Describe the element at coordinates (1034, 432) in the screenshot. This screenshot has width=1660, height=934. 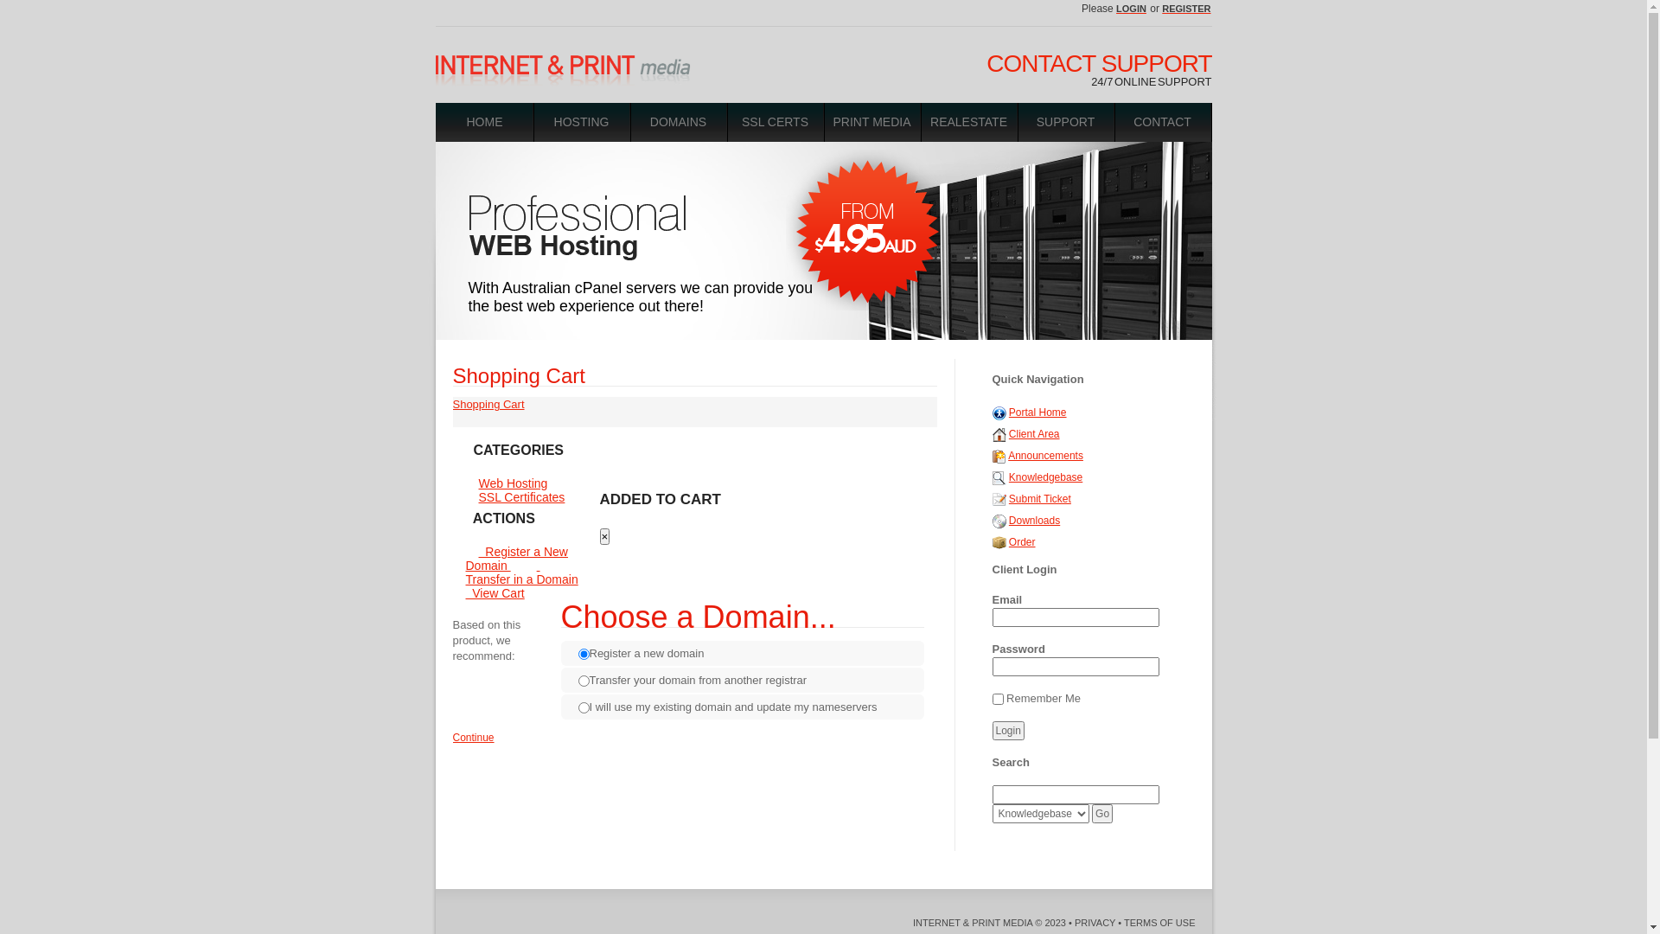
I see `'Client Area'` at that location.